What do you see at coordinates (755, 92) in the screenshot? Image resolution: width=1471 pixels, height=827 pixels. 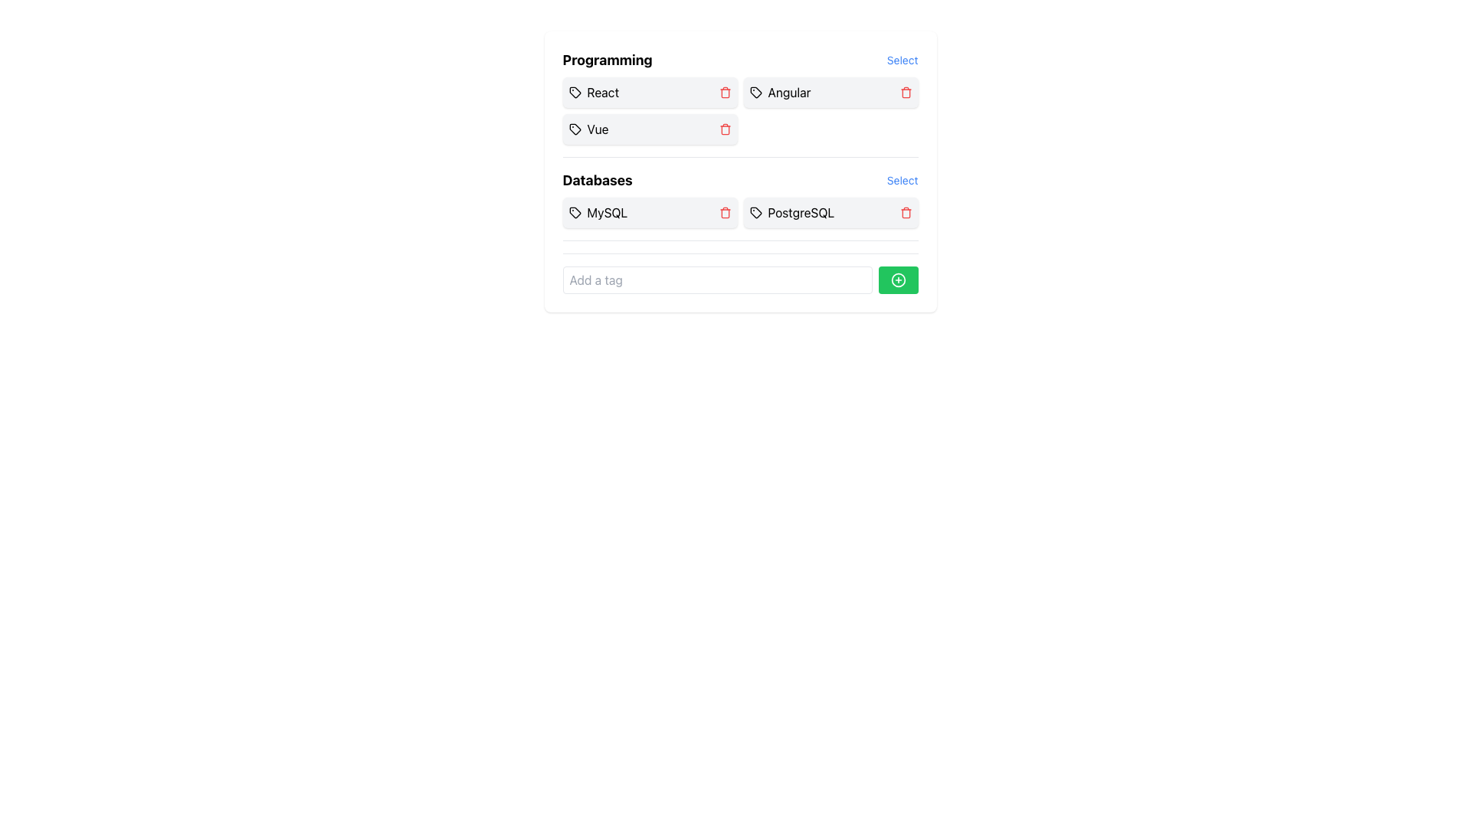 I see `the visual indicator icon associated with the 'Angular' label, located to the left of the 'Angular' text in the second row of tags under the 'Programming' section` at bounding box center [755, 92].